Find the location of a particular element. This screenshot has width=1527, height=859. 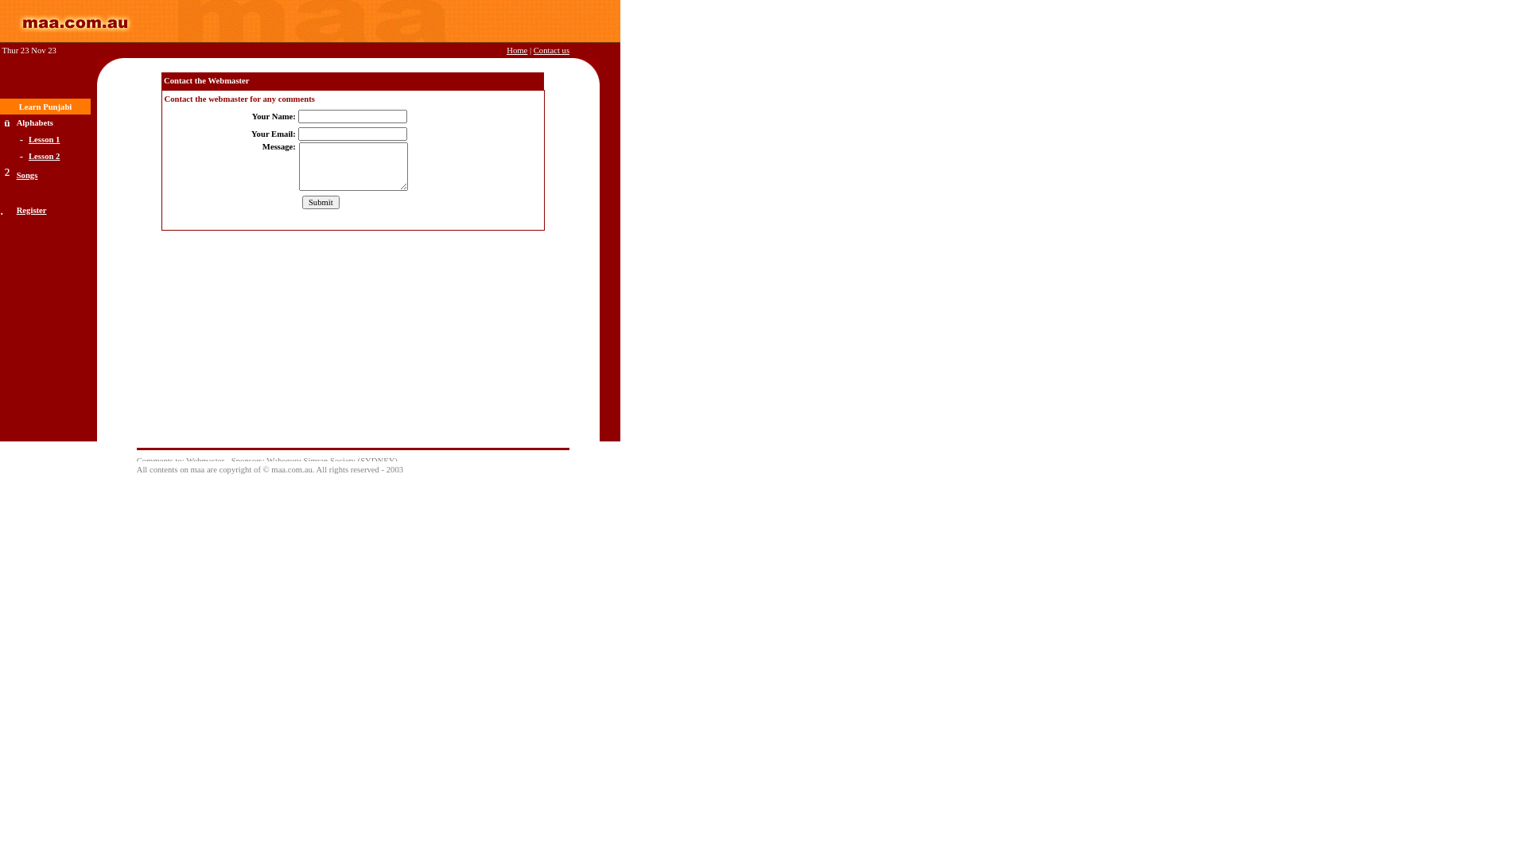

'Lesson 1' is located at coordinates (44, 138).